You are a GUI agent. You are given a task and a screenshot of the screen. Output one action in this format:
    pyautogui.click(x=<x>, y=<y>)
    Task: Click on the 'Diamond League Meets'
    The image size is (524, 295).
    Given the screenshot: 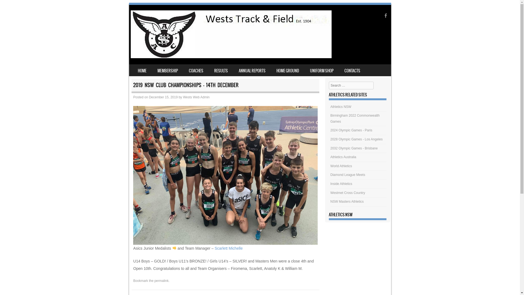 What is the action you would take?
    pyautogui.click(x=347, y=175)
    